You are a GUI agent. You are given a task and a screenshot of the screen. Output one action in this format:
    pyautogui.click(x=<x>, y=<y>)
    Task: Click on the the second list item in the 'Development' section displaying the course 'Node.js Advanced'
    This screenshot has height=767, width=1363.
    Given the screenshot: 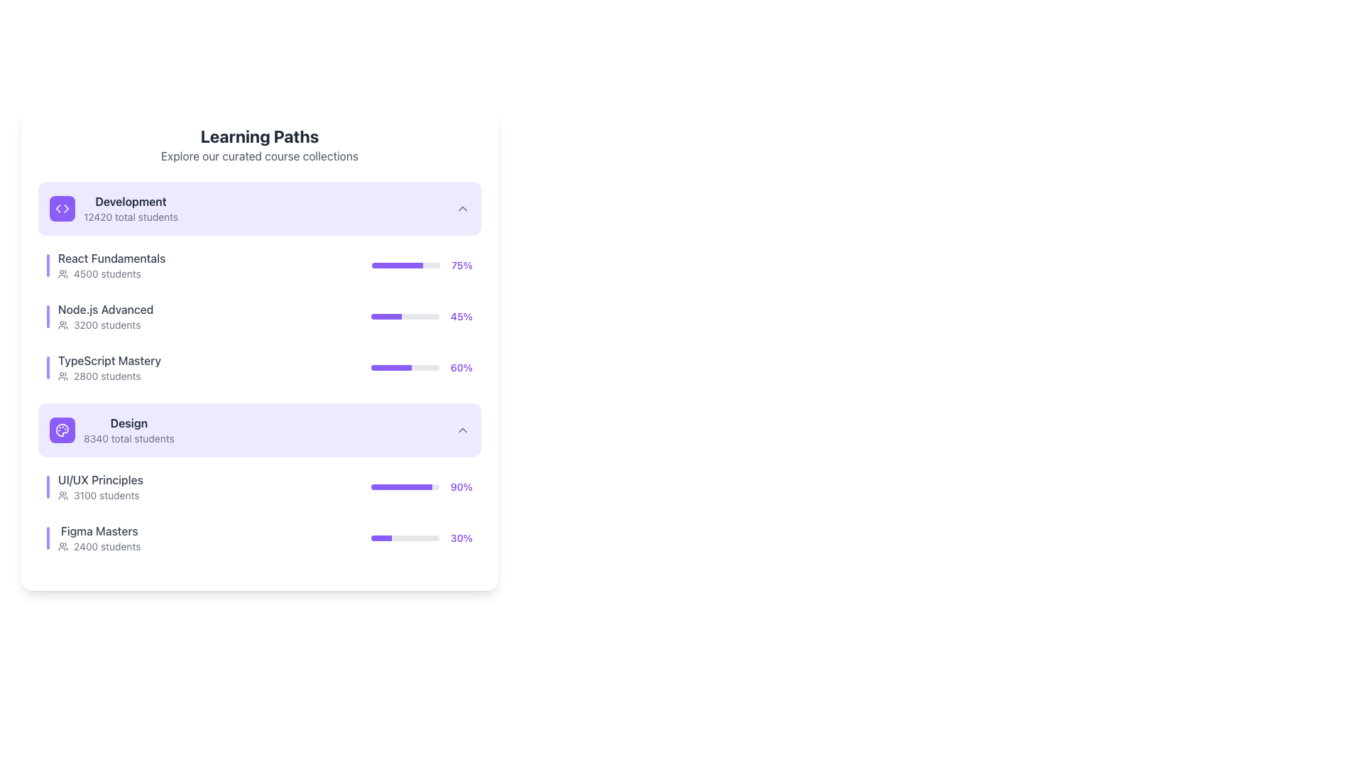 What is the action you would take?
    pyautogui.click(x=259, y=316)
    